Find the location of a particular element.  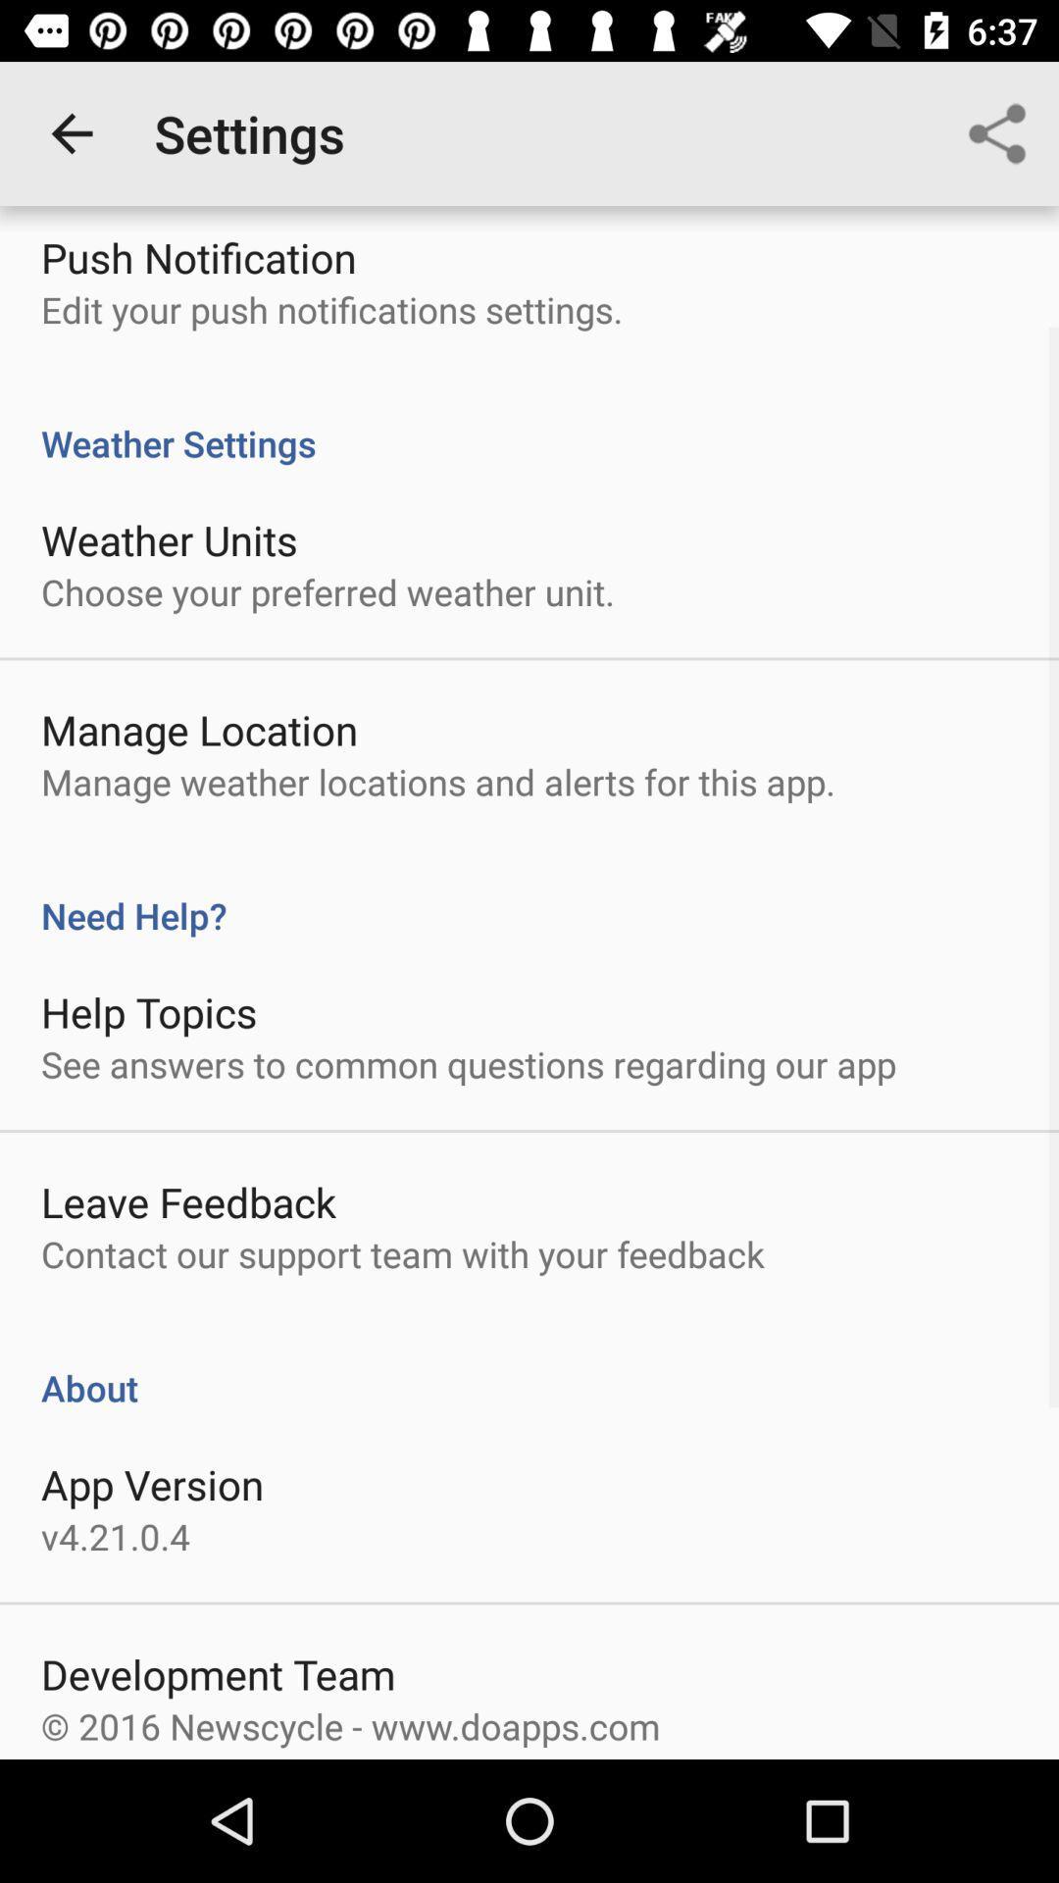

the icon below app version item is located at coordinates (116, 1535).